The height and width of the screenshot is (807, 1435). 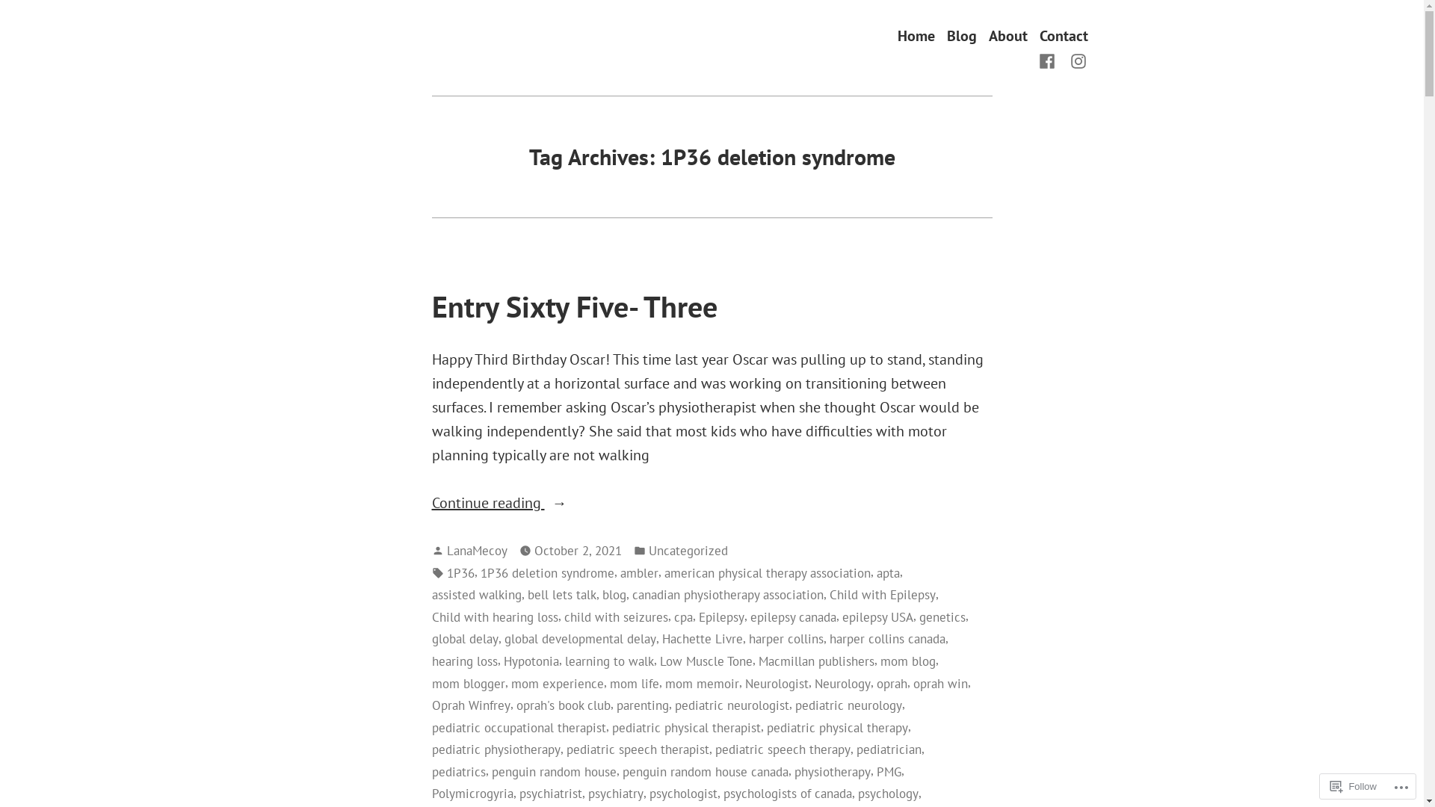 What do you see at coordinates (705, 660) in the screenshot?
I see `'Low Muscle Tone'` at bounding box center [705, 660].